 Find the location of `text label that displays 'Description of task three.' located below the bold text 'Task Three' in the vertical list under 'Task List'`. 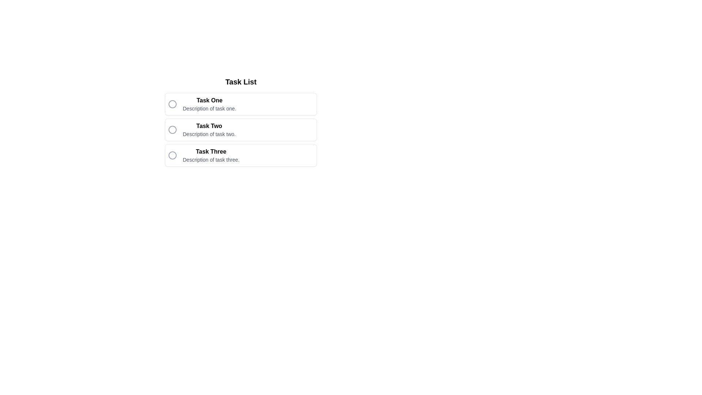

text label that displays 'Description of task three.' located below the bold text 'Task Three' in the vertical list under 'Task List' is located at coordinates (211, 159).